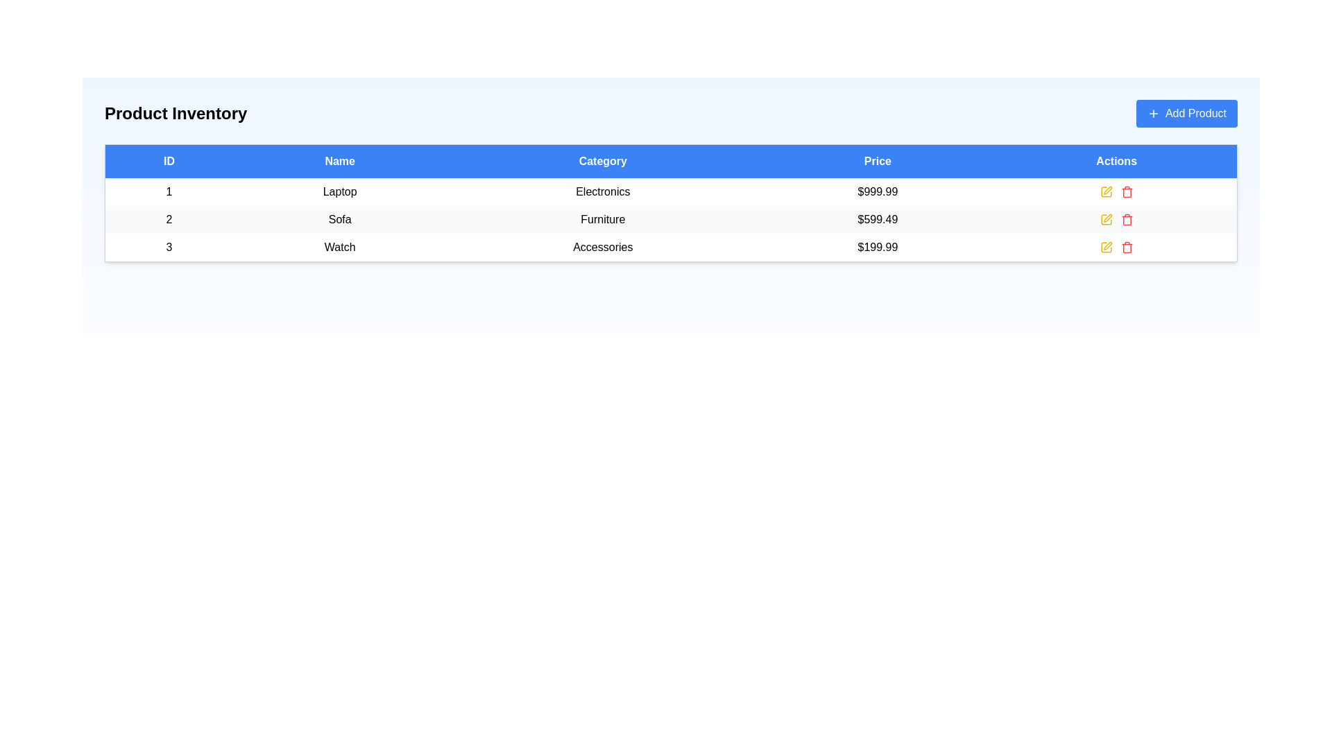 The image size is (1332, 749). I want to click on the header text label indicating 'Product Inventory', which serves as a title for the section and is located at the top-left of the interface, so click(175, 113).